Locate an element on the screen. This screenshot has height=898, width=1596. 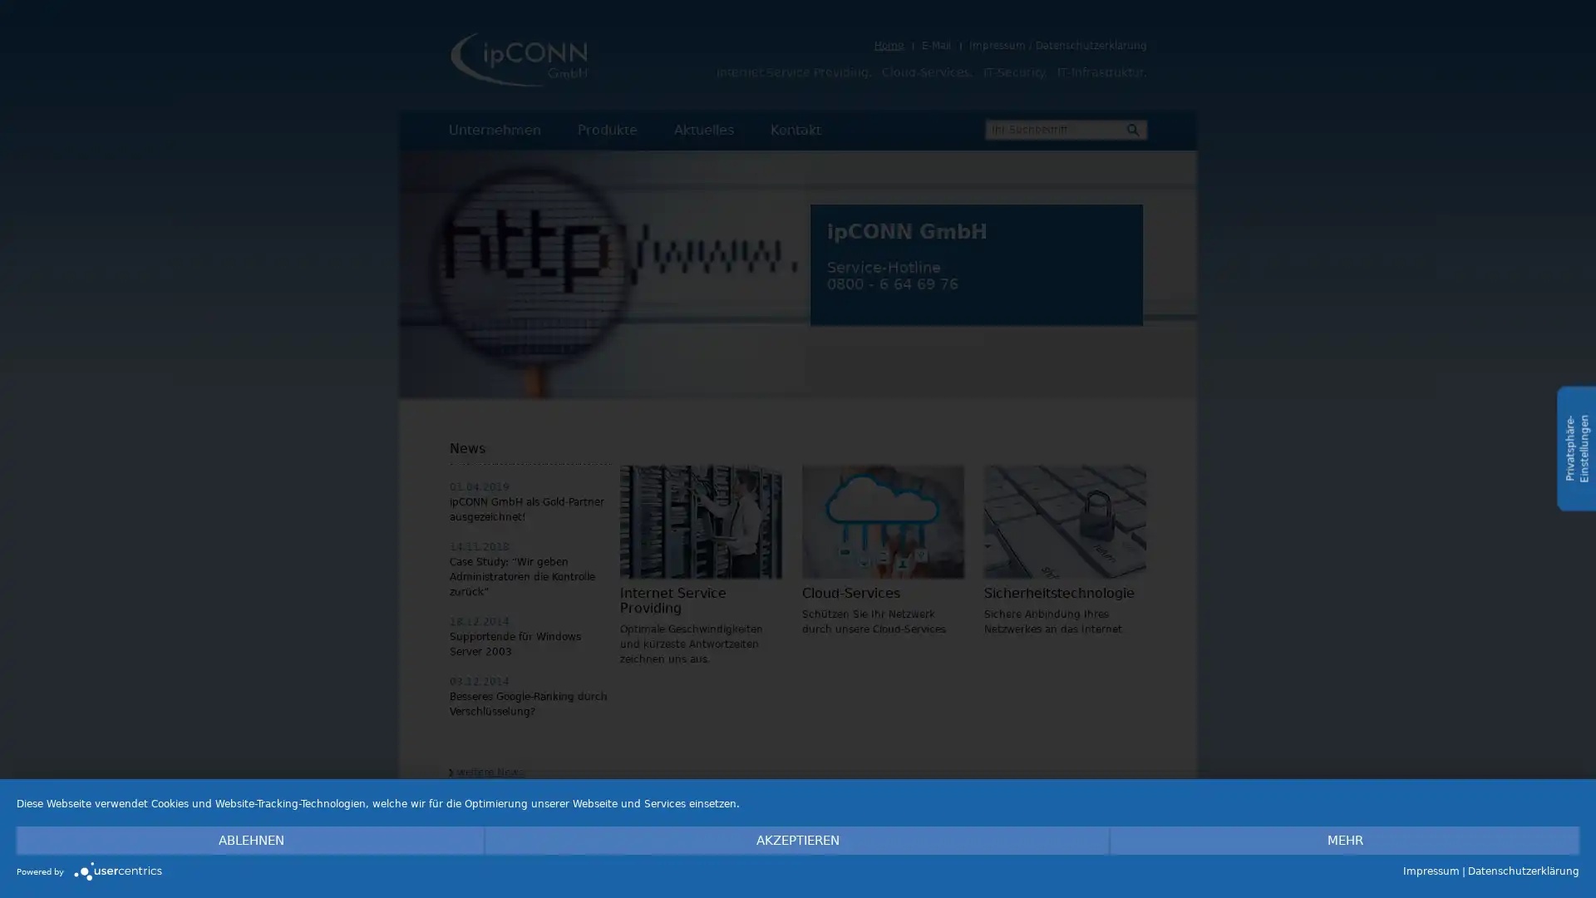
MEHR is located at coordinates (1344, 840).